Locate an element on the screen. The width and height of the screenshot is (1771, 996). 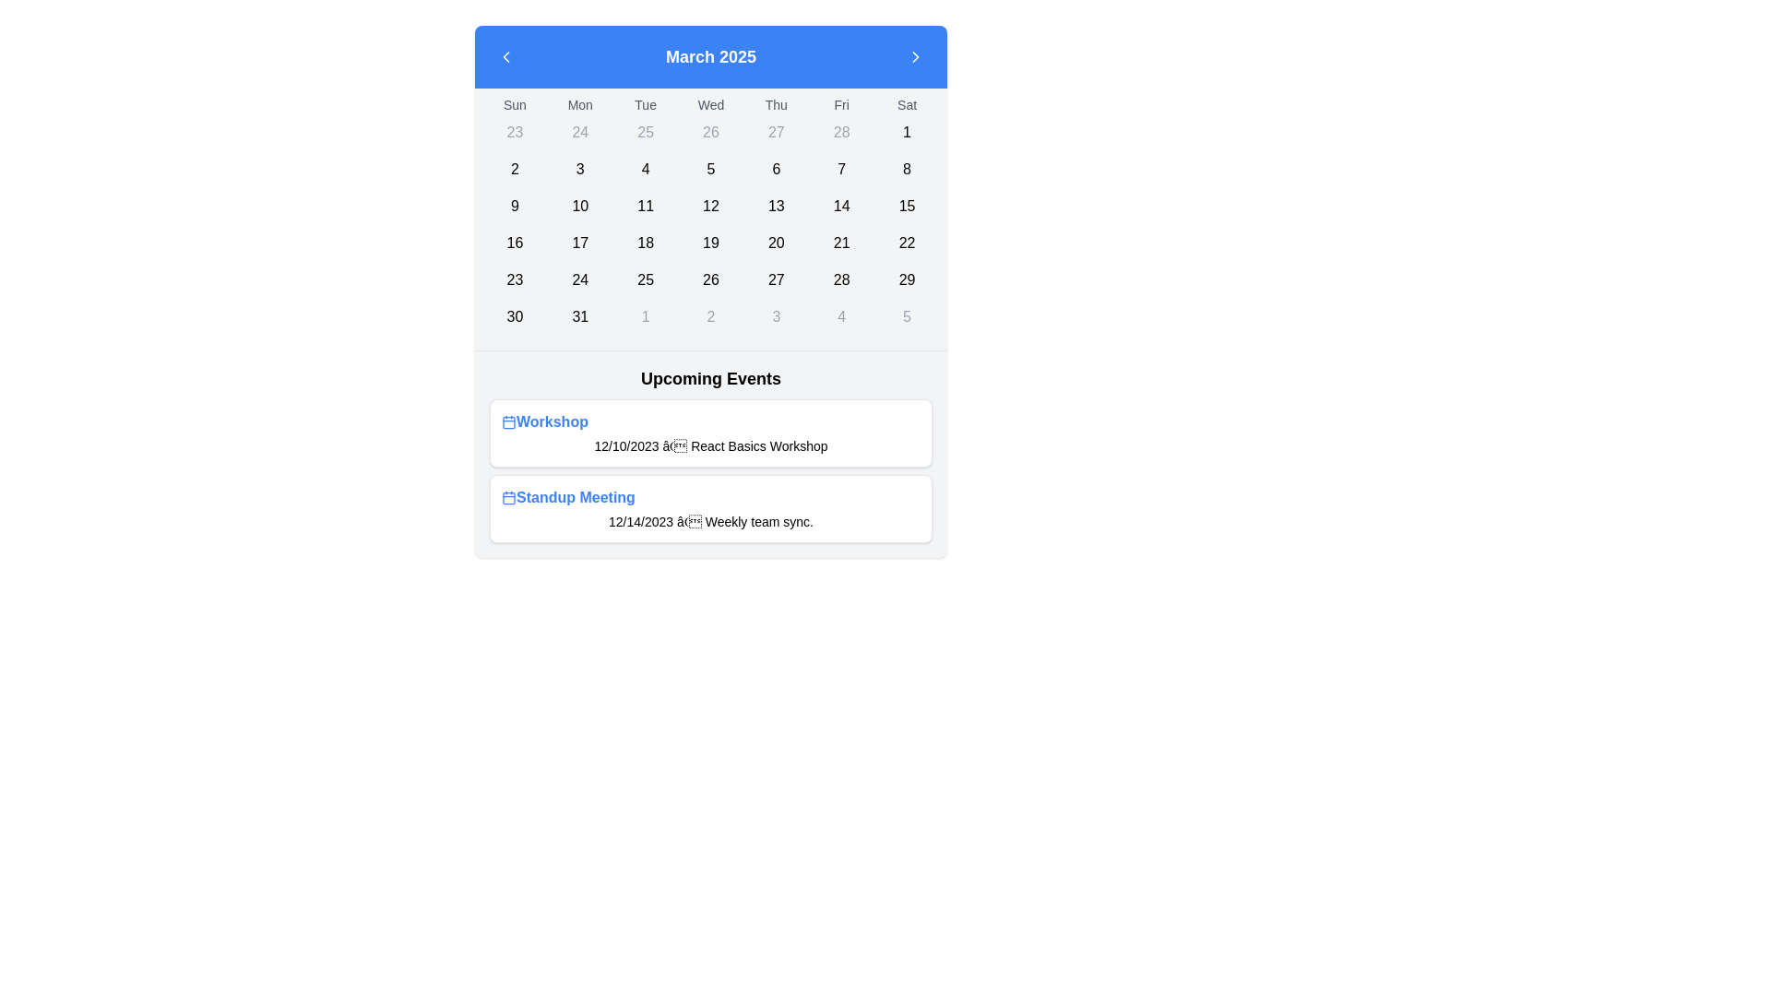
the clickable calendar day cell displaying the number '25' is located at coordinates (646, 131).